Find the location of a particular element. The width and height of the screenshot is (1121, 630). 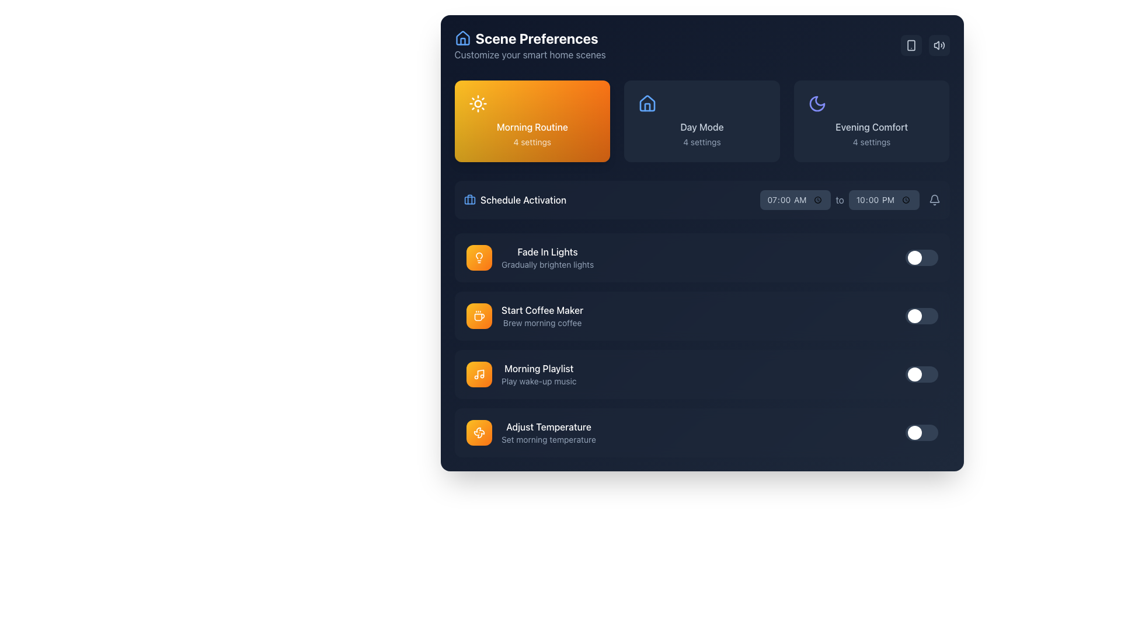

the sound-related Icon button located in the top-right corner of the interface is located at coordinates (939, 44).